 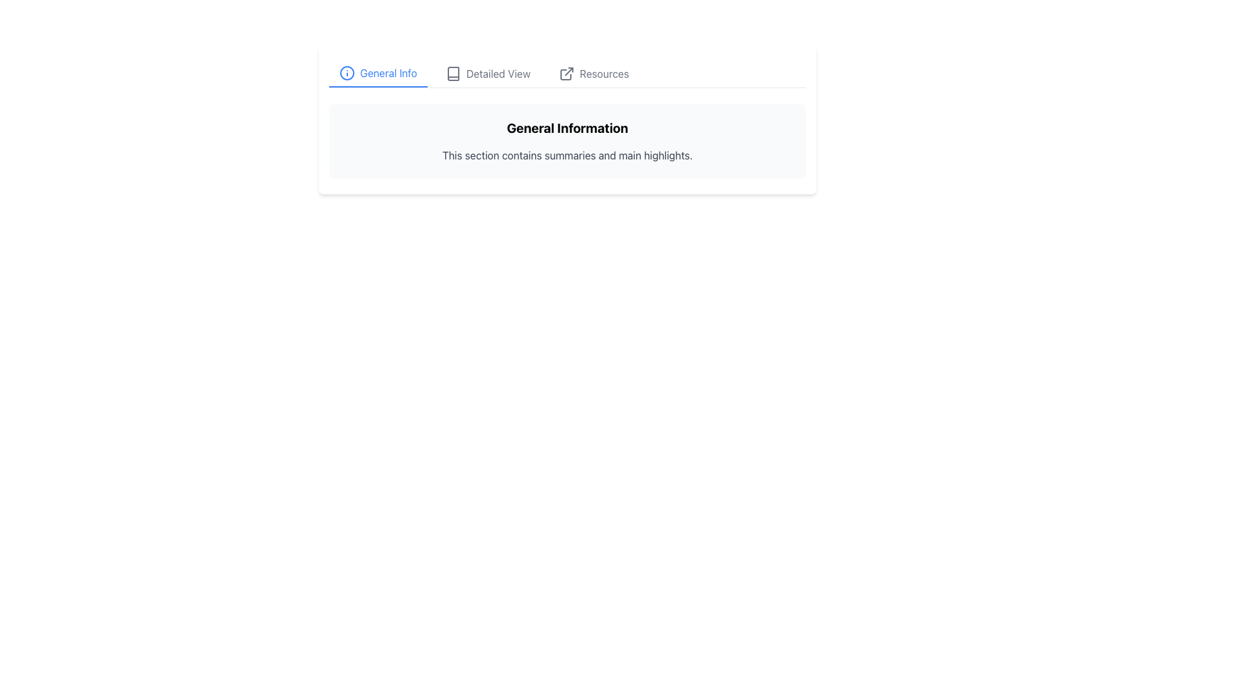 I want to click on the small, monochromatic book icon located to the left of the 'Detailed View' label in the tab section of the interface, so click(x=453, y=74).